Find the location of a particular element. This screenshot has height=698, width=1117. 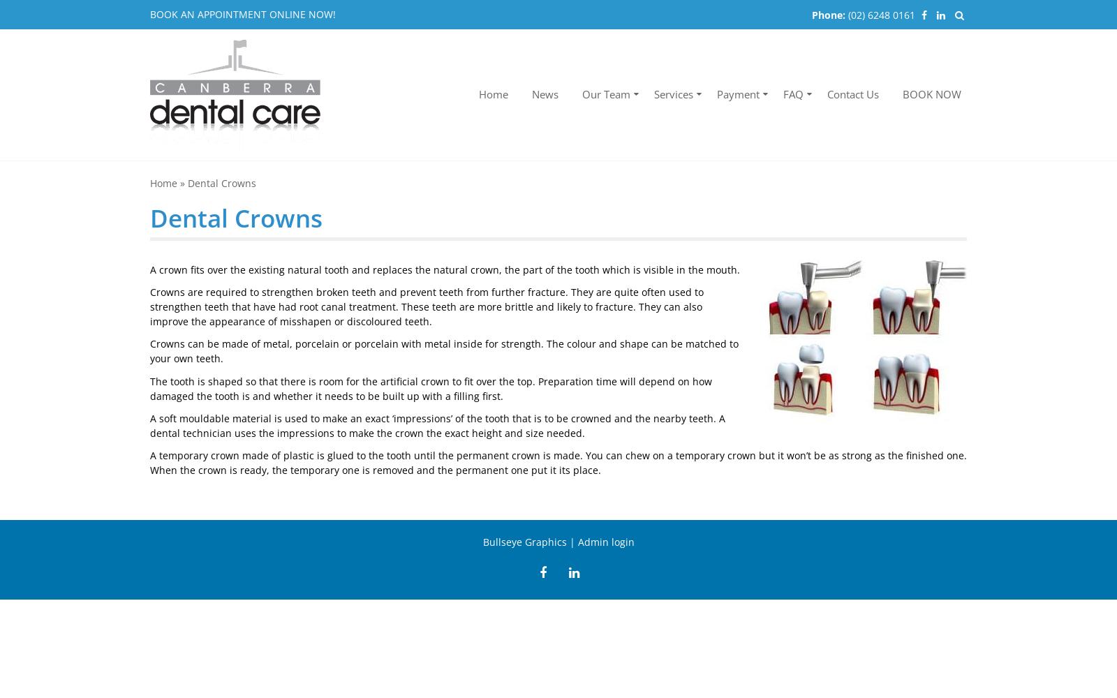

'(02) 6248 0161' is located at coordinates (881, 14).